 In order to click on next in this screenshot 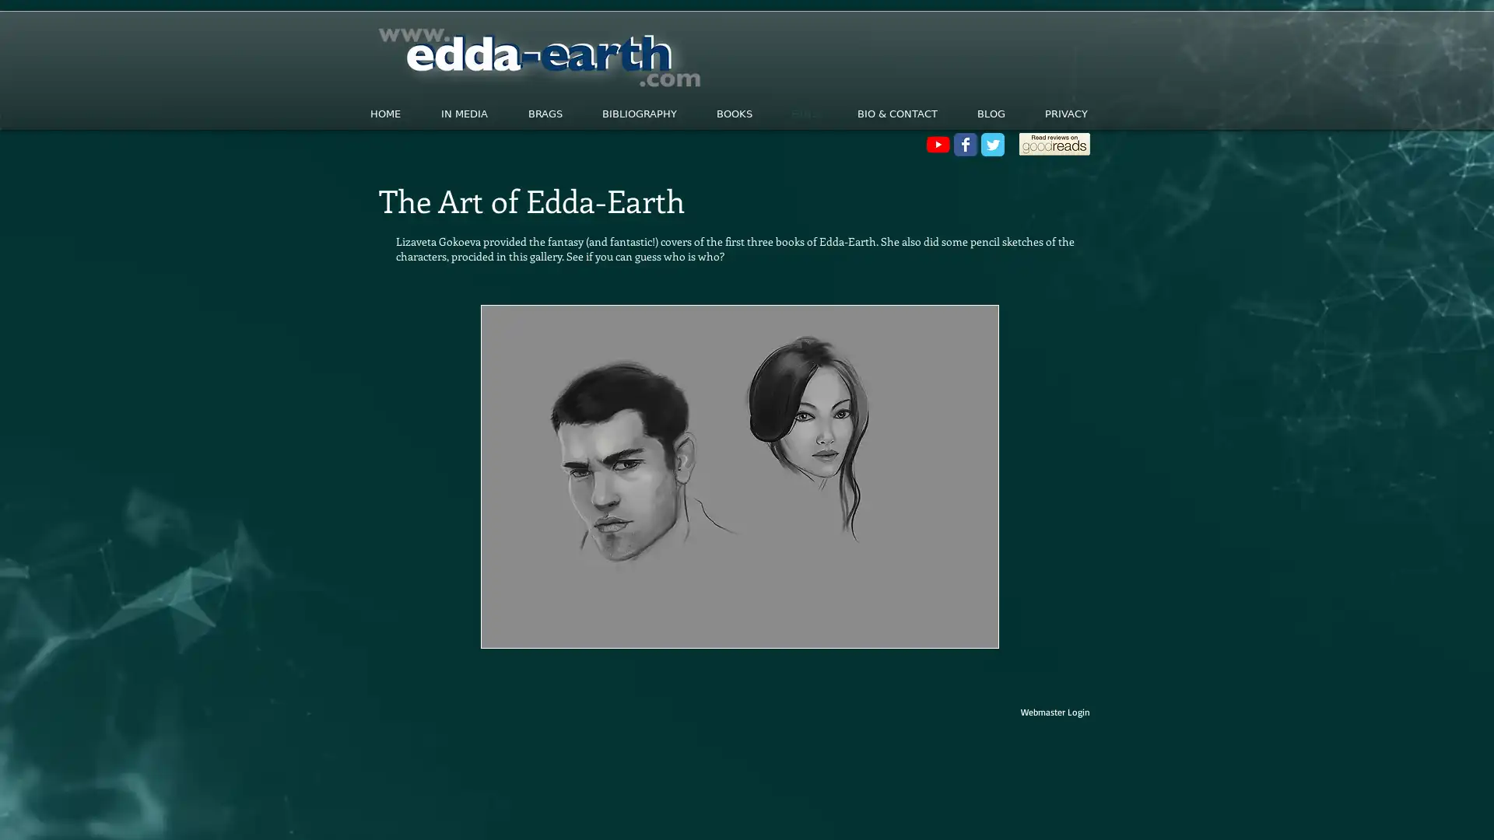, I will do `click(965, 476)`.